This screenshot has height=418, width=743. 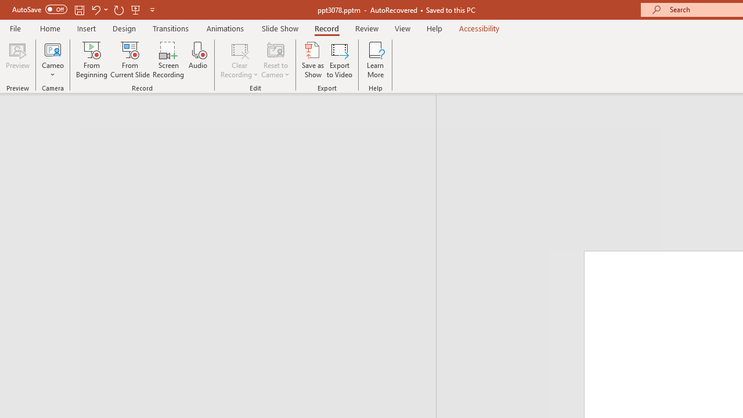 I want to click on 'File Tab', so click(x=15, y=27).